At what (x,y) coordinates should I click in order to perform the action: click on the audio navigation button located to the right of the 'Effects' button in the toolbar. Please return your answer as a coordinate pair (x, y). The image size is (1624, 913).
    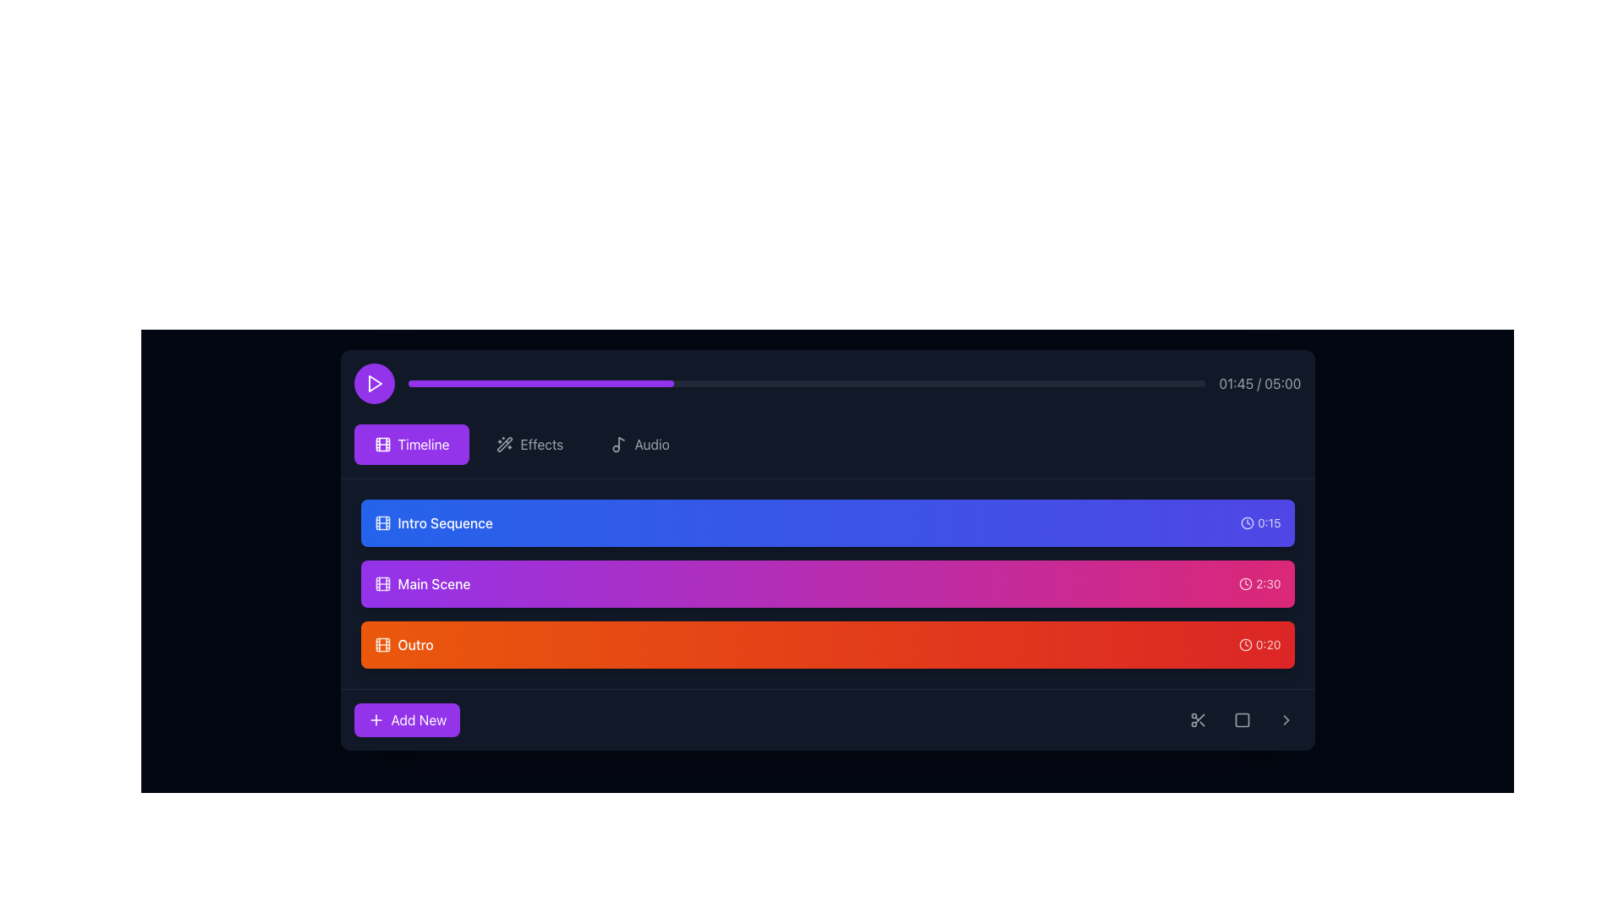
    Looking at the image, I should click on (639, 443).